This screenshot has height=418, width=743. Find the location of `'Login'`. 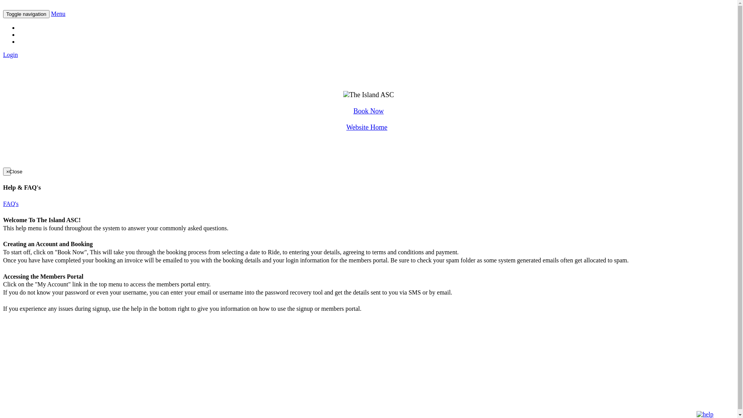

'Login' is located at coordinates (10, 54).